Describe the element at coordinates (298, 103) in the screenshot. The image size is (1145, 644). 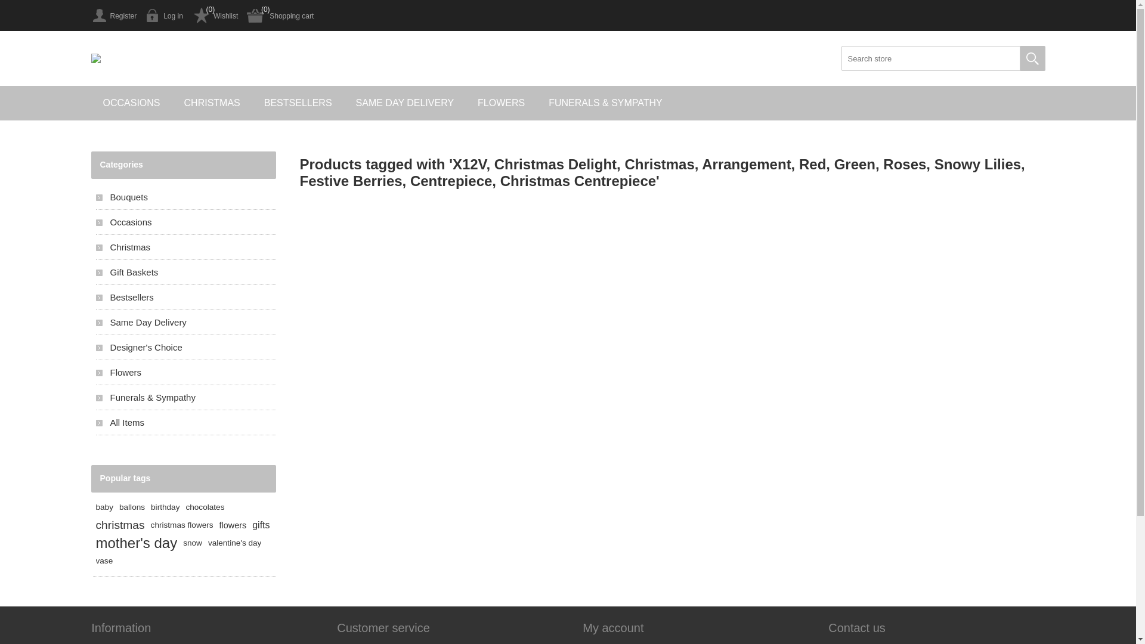
I see `'BESTSELLERS'` at that location.